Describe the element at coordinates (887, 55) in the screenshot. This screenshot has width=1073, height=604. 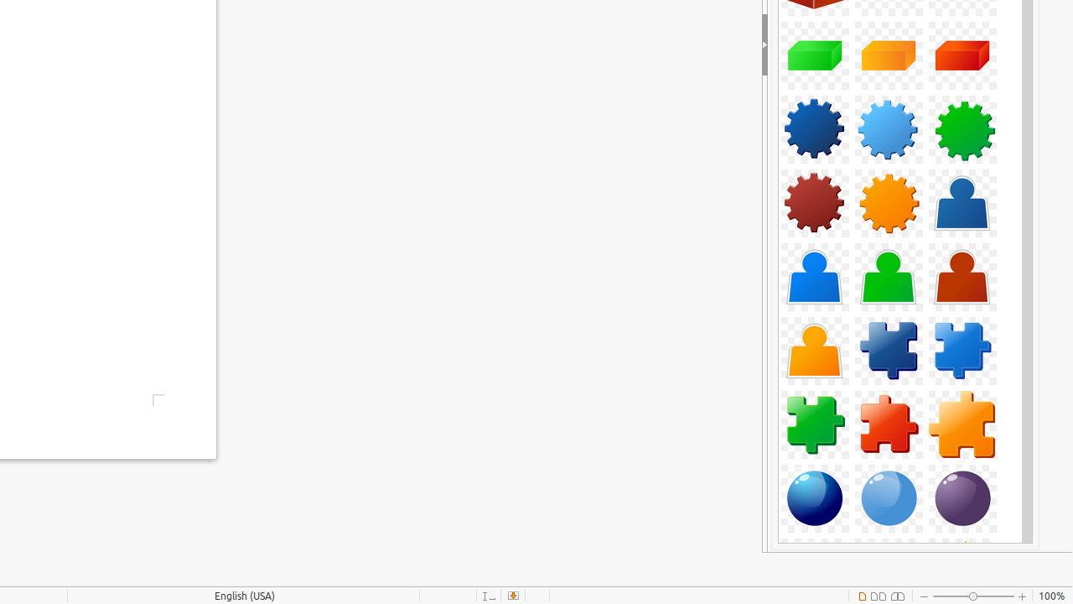
I see `'Component-Cuboid04-Orange'` at that location.